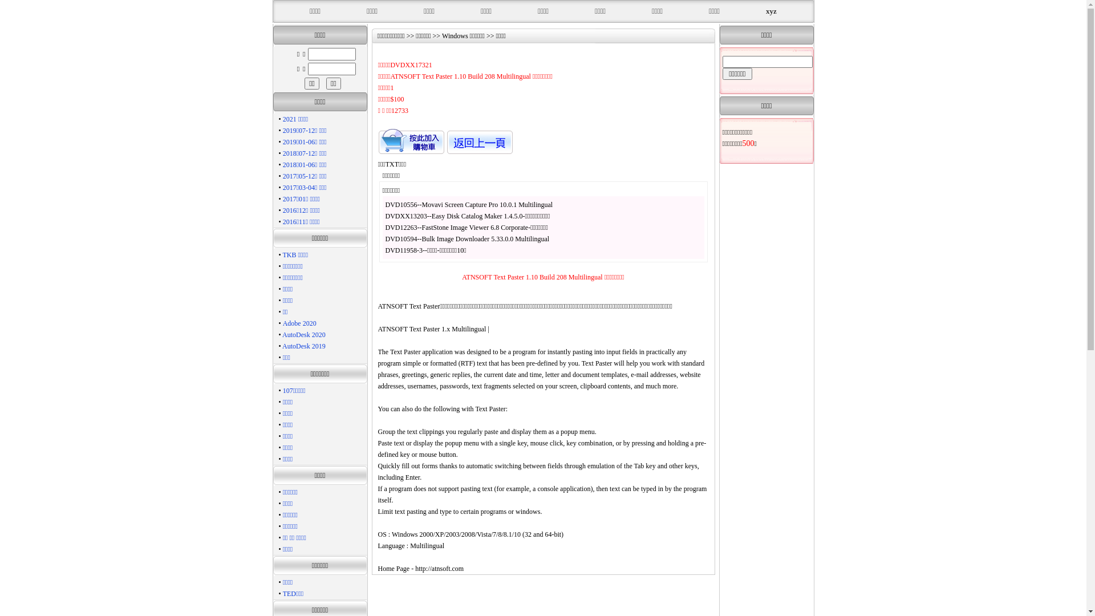 The height and width of the screenshot is (616, 1095). Describe the element at coordinates (282, 334) in the screenshot. I see `'AutoDesk 2020'` at that location.